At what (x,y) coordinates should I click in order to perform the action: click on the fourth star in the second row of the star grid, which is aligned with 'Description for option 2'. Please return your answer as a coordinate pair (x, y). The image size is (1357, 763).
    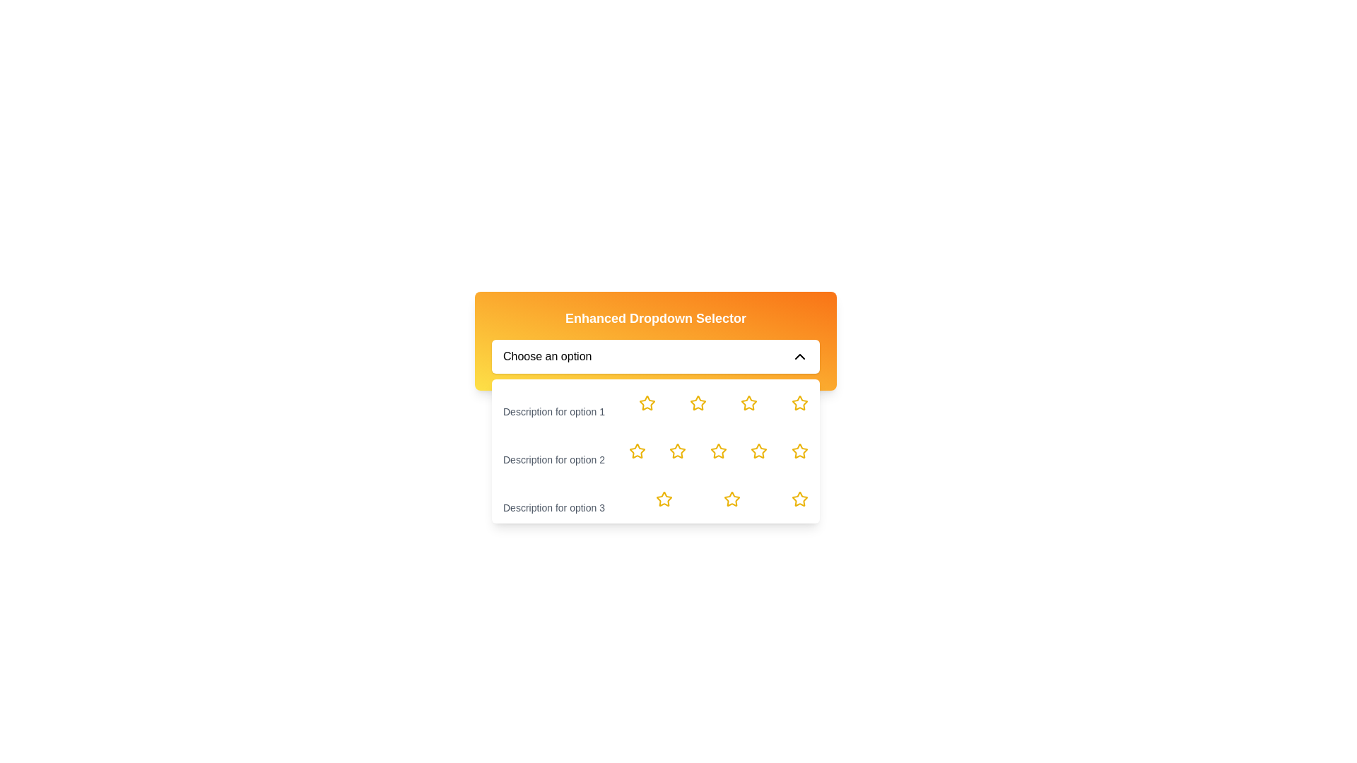
    Looking at the image, I should click on (758, 451).